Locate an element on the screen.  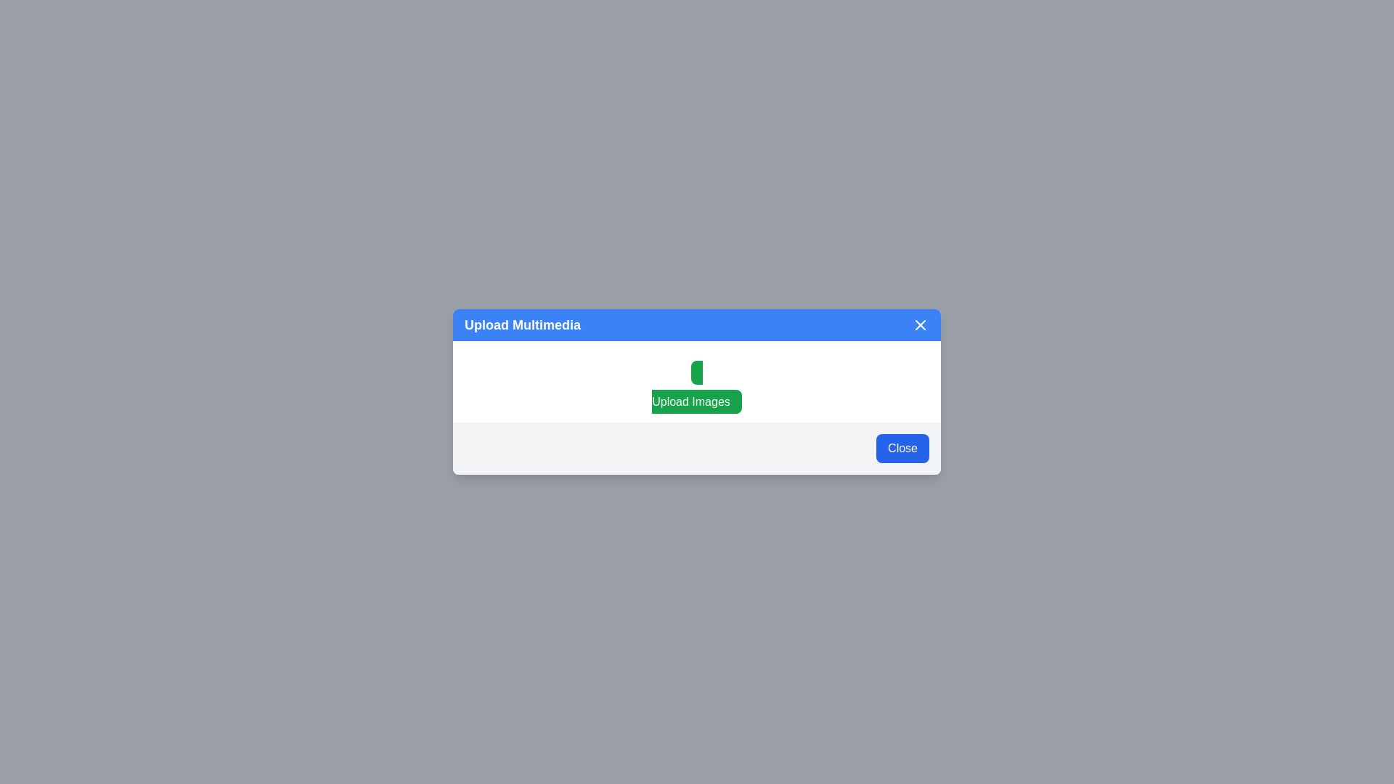
the upload button with an associated upload icon located in the middle section of the 'Upload Multimedia' modal dialog is located at coordinates (697, 380).